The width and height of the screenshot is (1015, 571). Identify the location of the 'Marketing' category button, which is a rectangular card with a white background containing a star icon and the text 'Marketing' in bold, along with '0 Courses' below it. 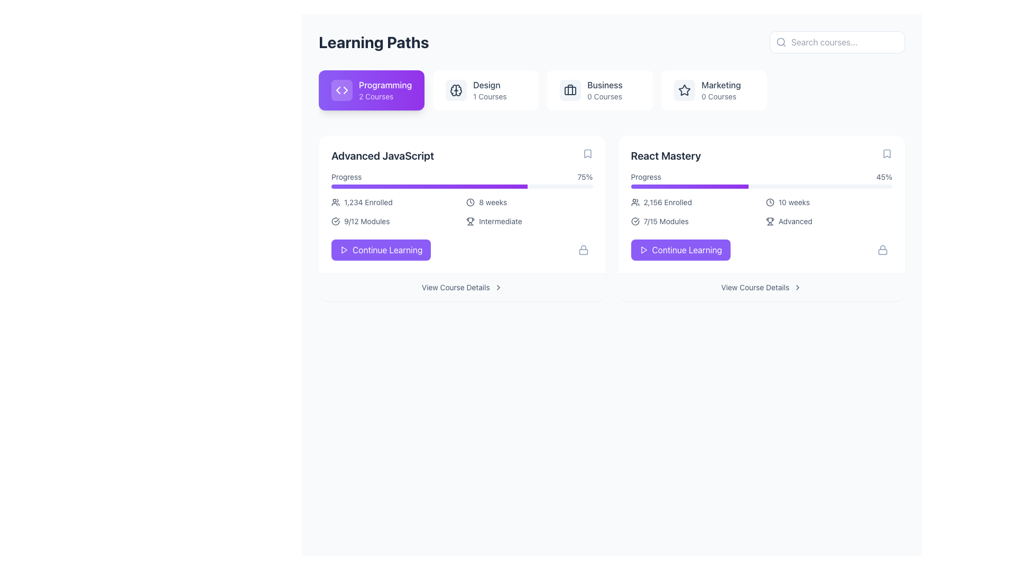
(714, 89).